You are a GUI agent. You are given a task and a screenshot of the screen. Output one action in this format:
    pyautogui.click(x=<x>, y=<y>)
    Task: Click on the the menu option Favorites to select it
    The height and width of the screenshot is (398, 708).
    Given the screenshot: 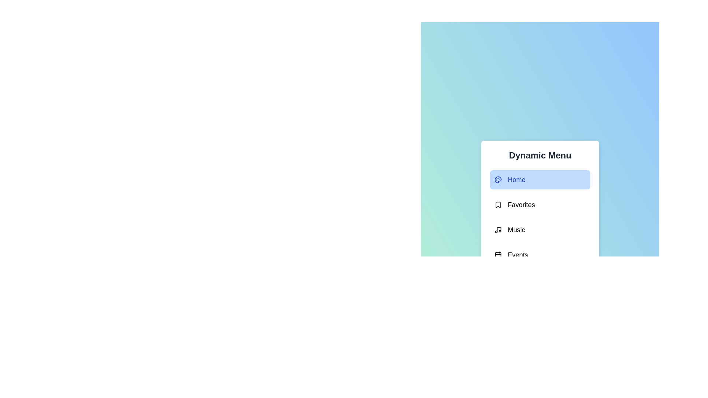 What is the action you would take?
    pyautogui.click(x=540, y=205)
    